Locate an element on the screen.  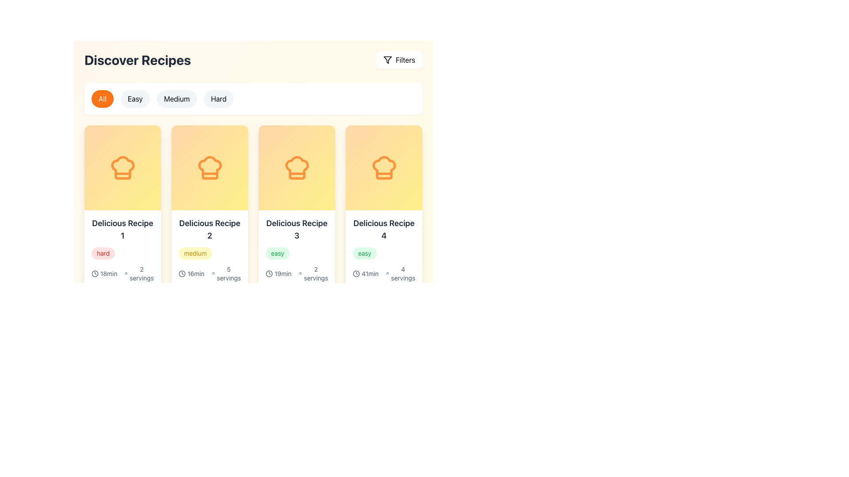
the time icon representing the duration of '16min' in the 'Delicious Recipe 2' card is located at coordinates (182, 273).